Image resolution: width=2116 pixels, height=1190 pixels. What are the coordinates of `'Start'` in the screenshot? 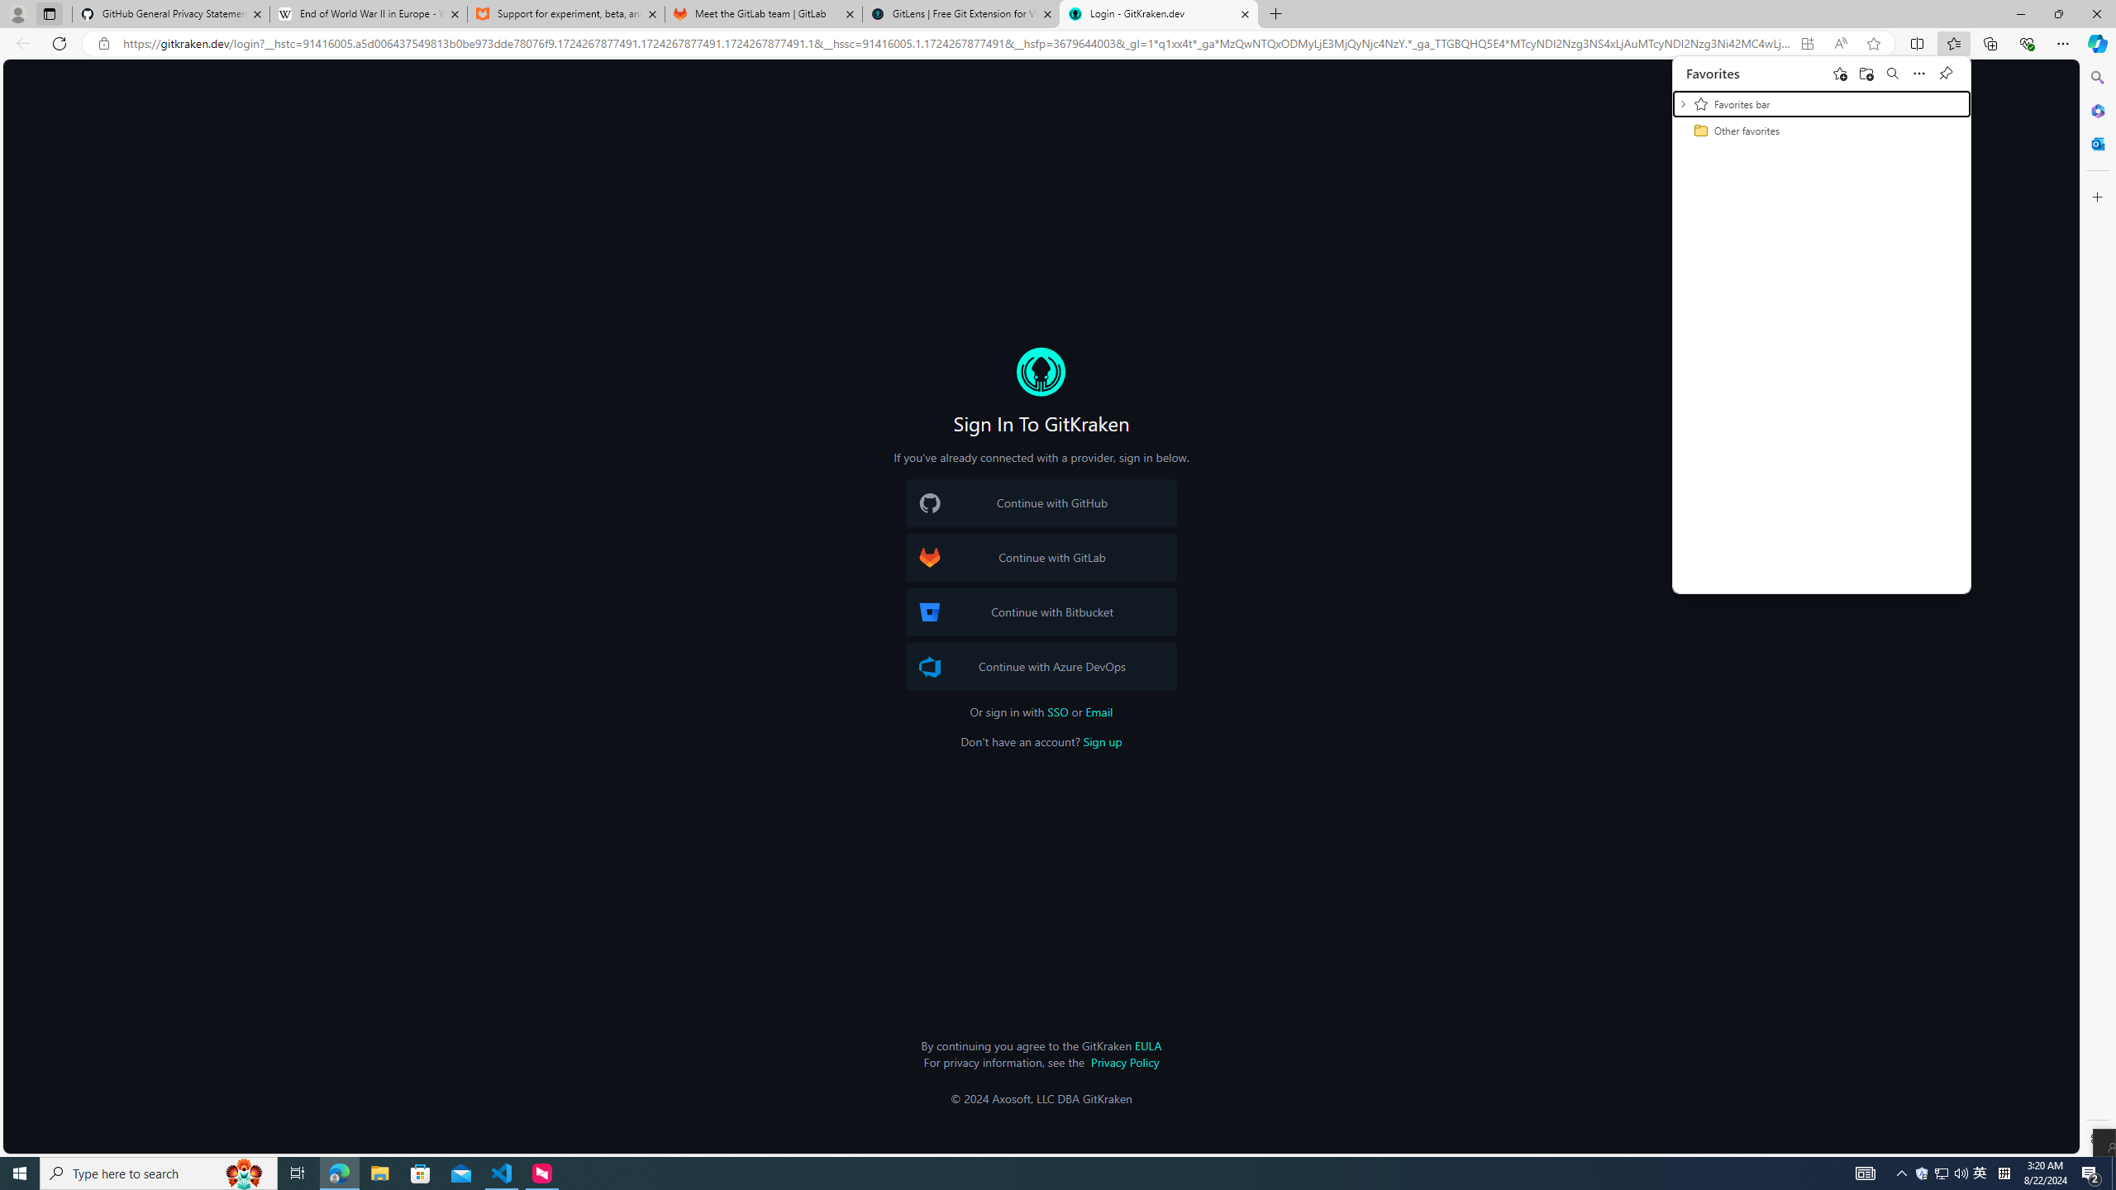 It's located at (20, 1172).